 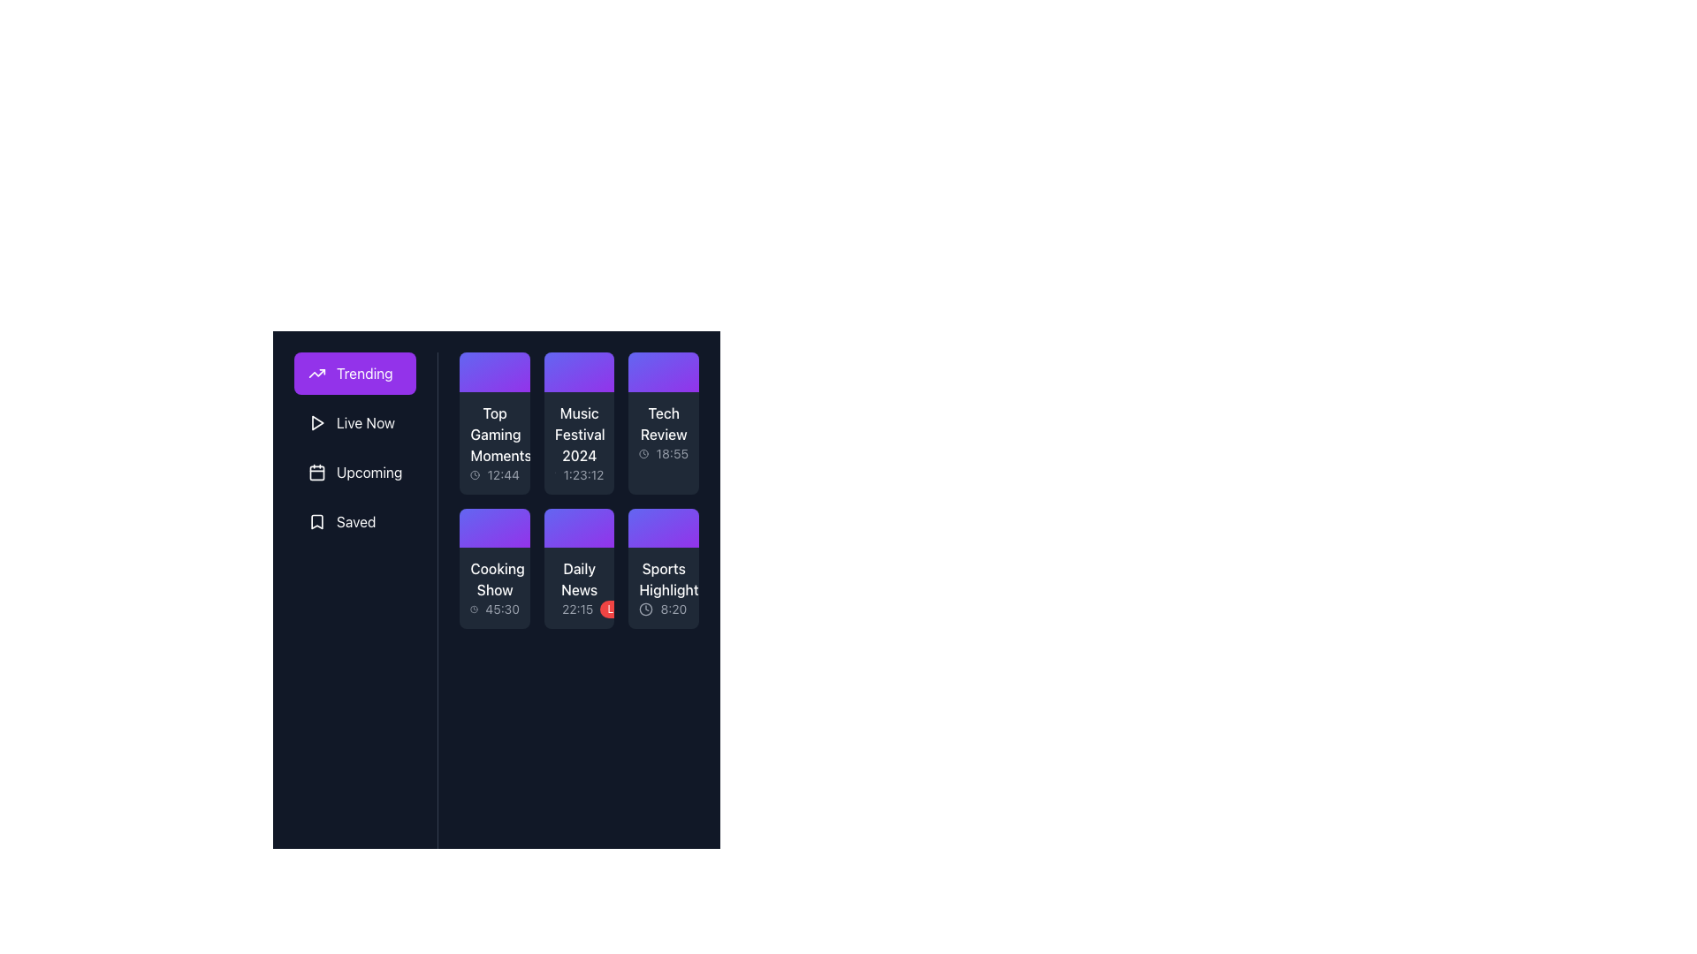 What do you see at coordinates (475, 473) in the screenshot?
I see `the clock symbol icon that indicates the time value '12:44' associated with the text in the 'Top Gaming Moments' section of the 'Trending' panel` at bounding box center [475, 473].